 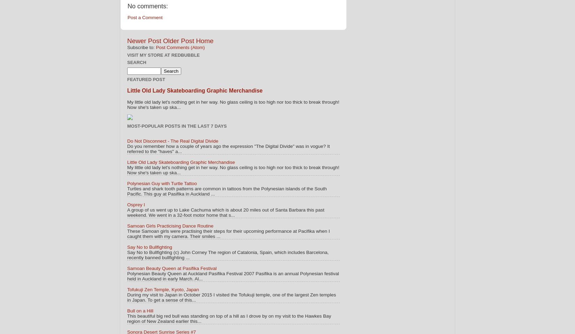 What do you see at coordinates (149, 247) in the screenshot?
I see `'Say No to Bullfighting'` at bounding box center [149, 247].